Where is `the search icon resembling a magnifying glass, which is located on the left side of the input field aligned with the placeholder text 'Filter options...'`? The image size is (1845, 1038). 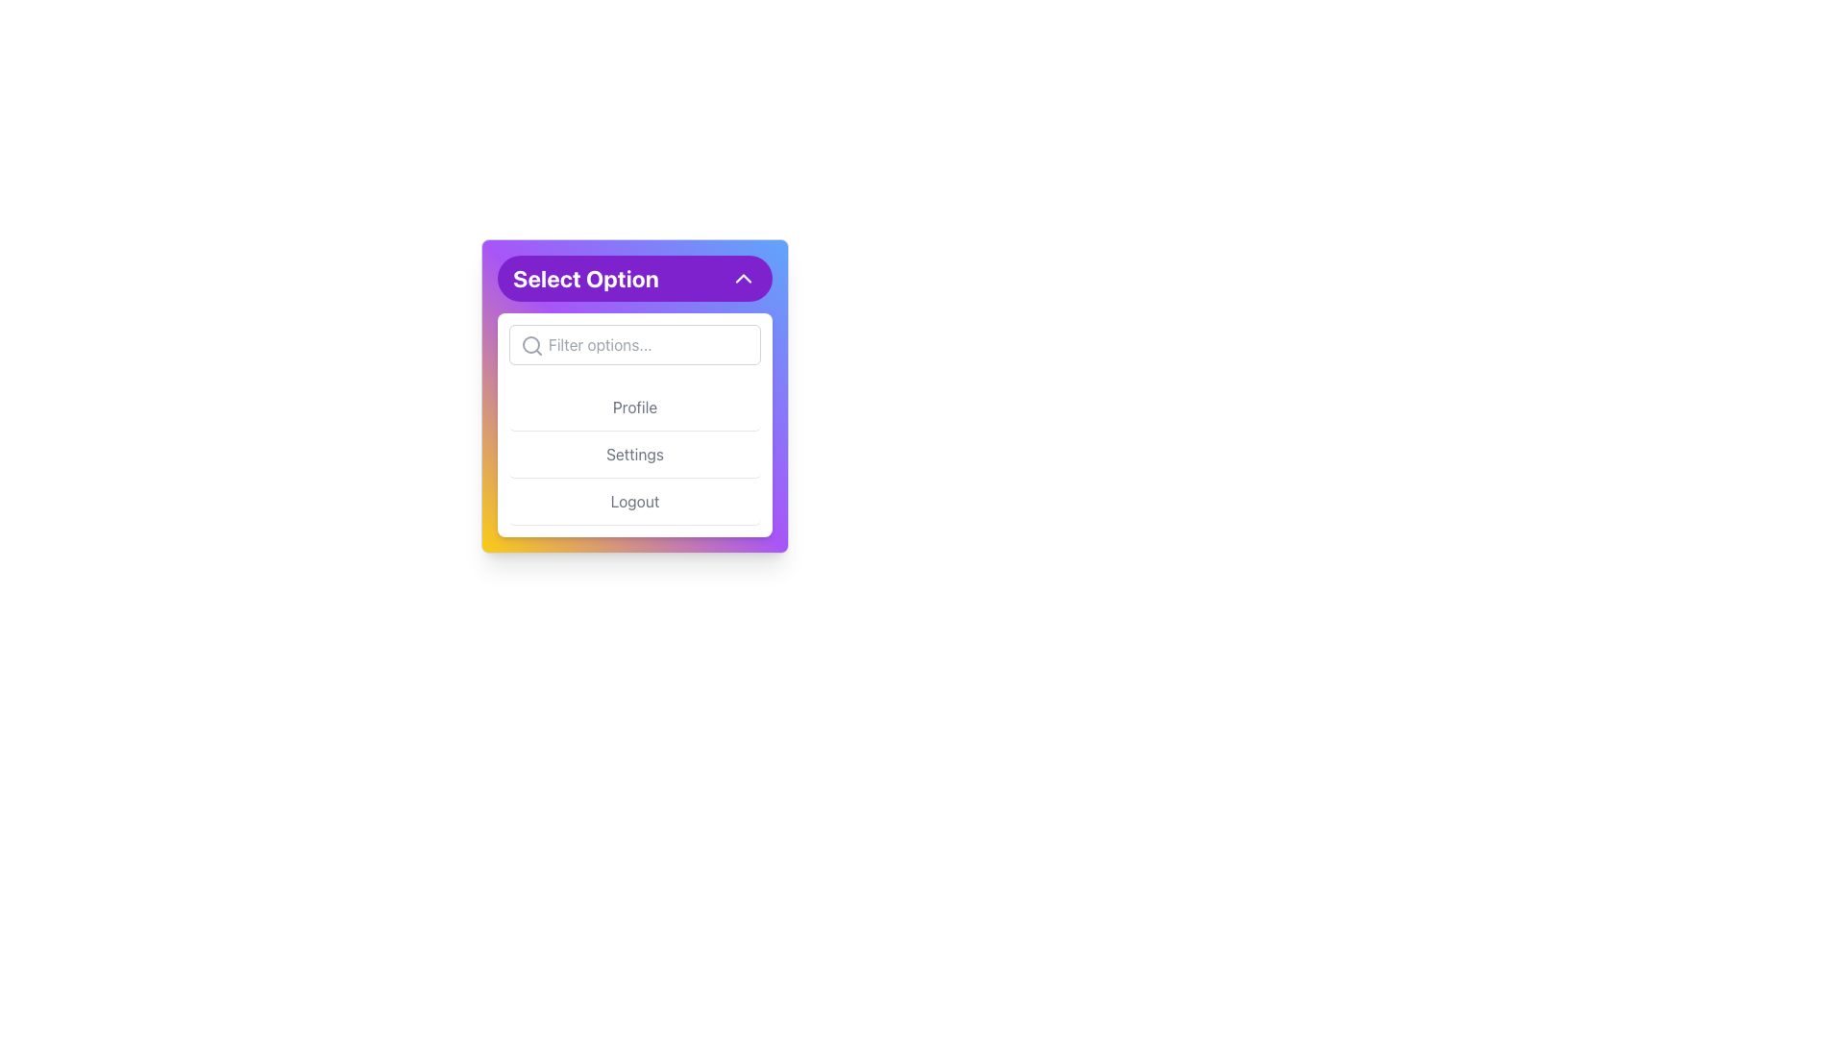 the search icon resembling a magnifying glass, which is located on the left side of the input field aligned with the placeholder text 'Filter options...' is located at coordinates (531, 344).